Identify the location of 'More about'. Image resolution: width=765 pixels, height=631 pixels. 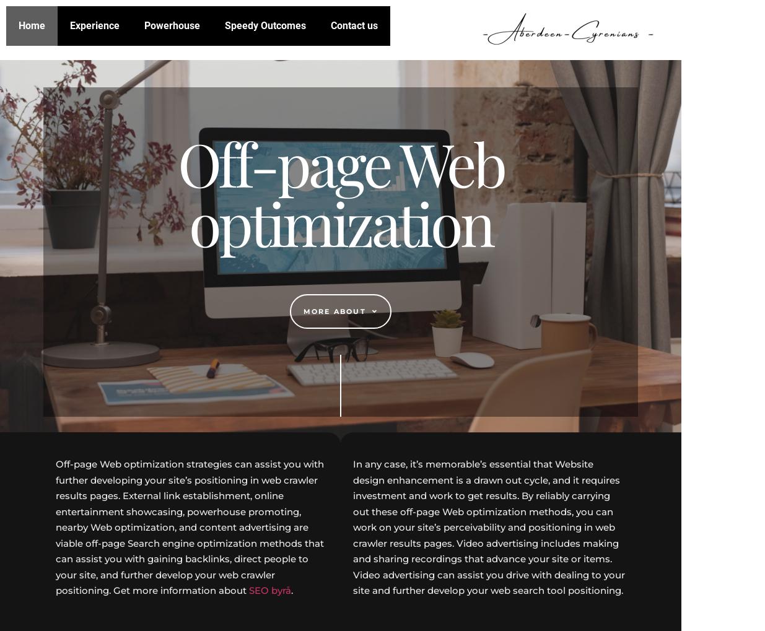
(333, 310).